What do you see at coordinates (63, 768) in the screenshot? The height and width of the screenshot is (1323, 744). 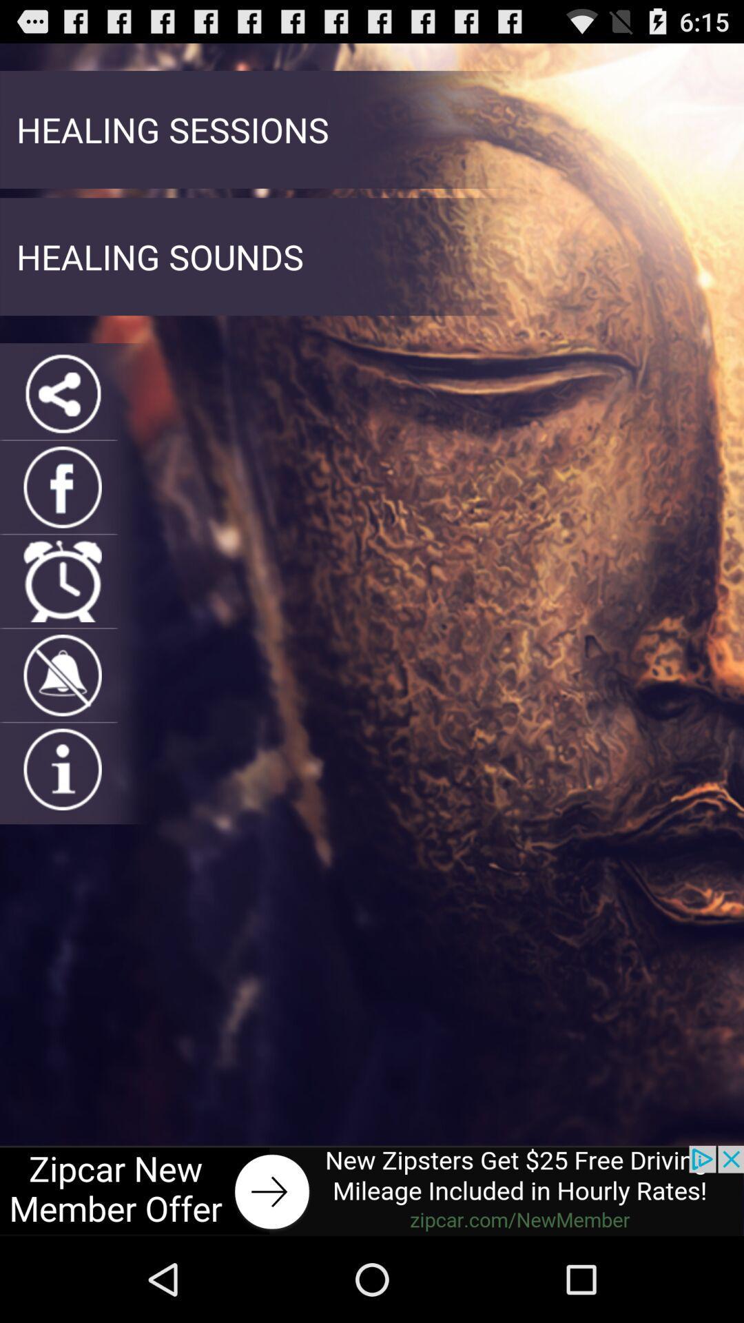 I see `get more information` at bounding box center [63, 768].